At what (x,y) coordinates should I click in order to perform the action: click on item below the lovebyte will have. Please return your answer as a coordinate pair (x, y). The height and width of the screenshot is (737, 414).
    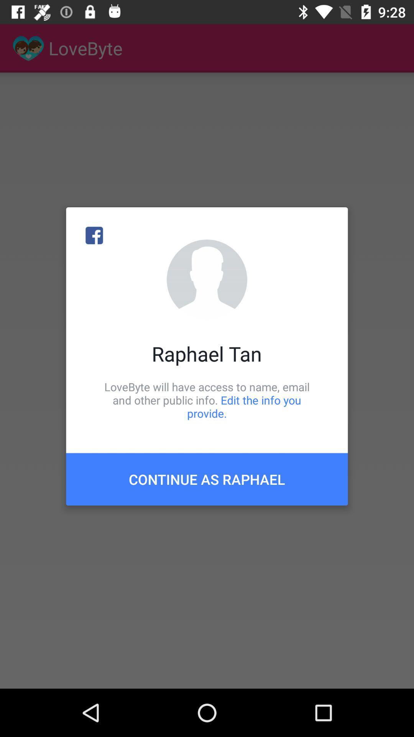
    Looking at the image, I should click on (207, 479).